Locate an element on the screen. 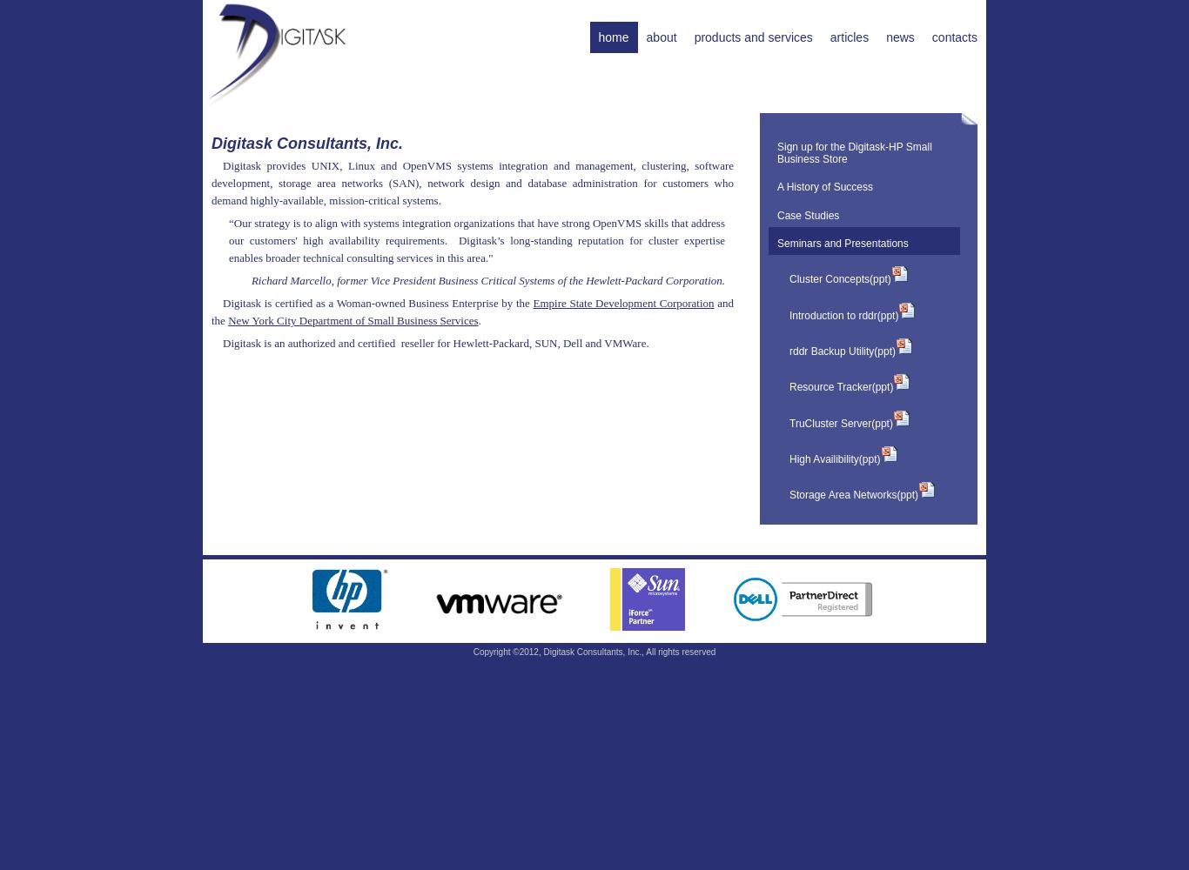  '.' is located at coordinates (477, 318).